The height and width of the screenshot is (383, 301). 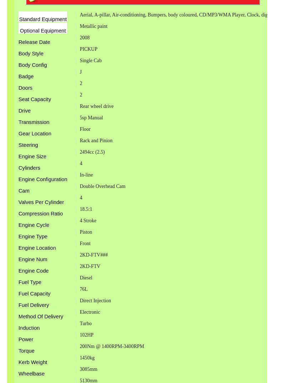 What do you see at coordinates (33, 271) in the screenshot?
I see `'Engine Code'` at bounding box center [33, 271].